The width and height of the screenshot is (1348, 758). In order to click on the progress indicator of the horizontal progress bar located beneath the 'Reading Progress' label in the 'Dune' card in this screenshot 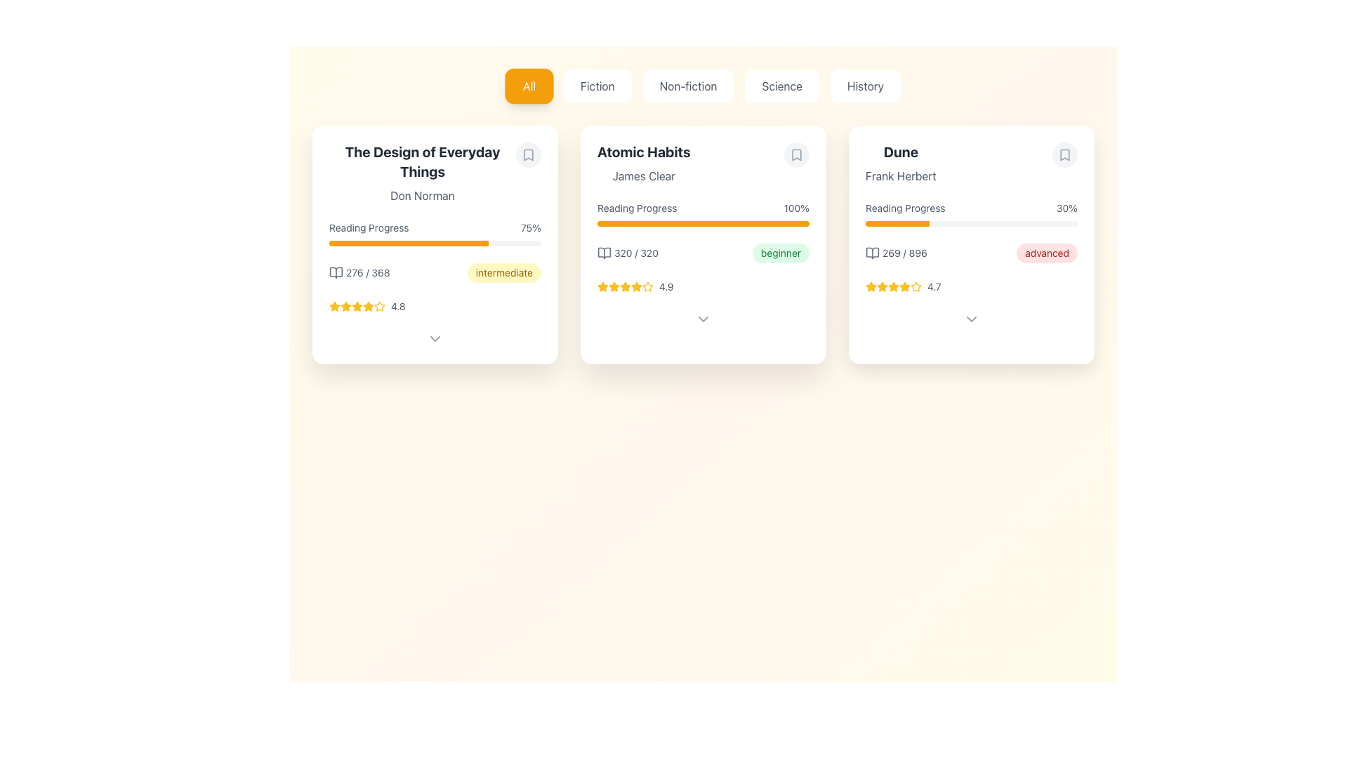, I will do `click(970, 223)`.